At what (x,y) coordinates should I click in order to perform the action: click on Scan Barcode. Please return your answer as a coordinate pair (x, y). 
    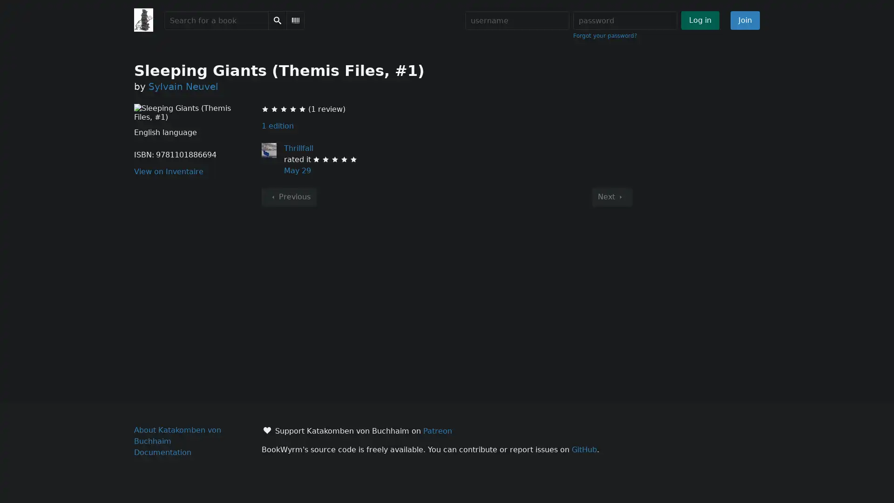
    Looking at the image, I should click on (294, 20).